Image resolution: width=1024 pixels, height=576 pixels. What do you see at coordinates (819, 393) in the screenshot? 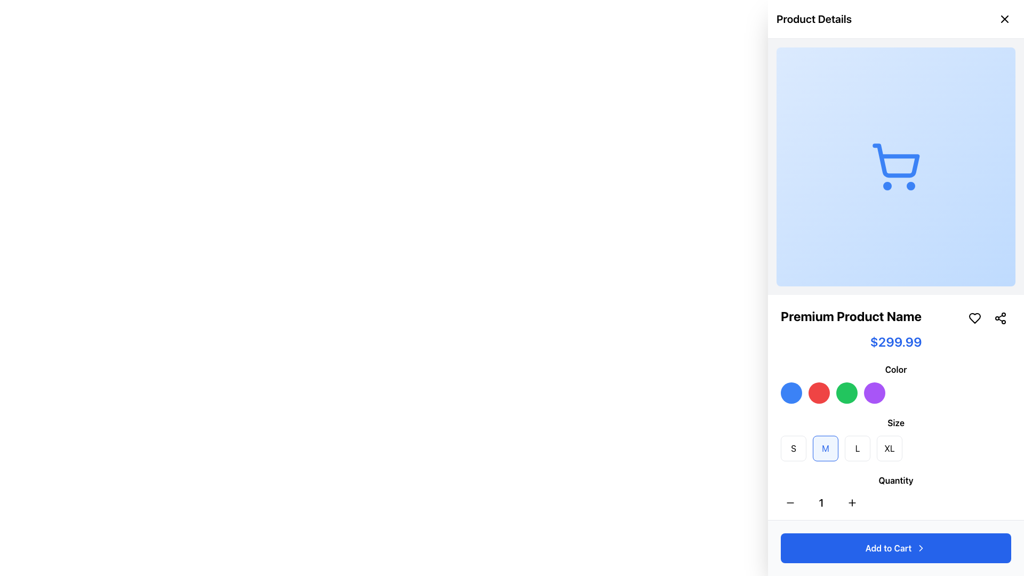
I see `the second circular button with a red background in the right-hand panel` at bounding box center [819, 393].